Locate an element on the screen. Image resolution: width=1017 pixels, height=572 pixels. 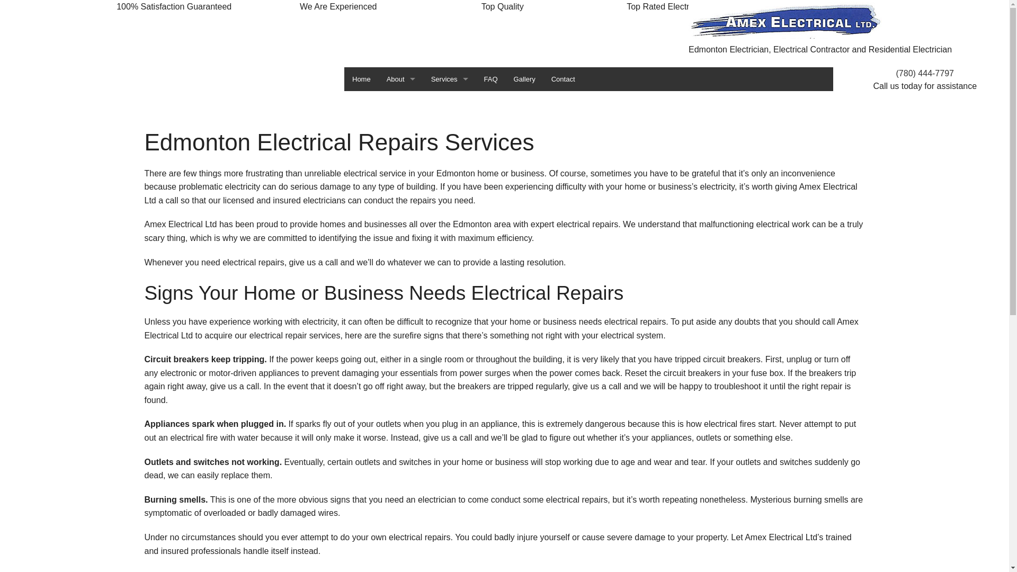
'Services' is located at coordinates (450, 78).